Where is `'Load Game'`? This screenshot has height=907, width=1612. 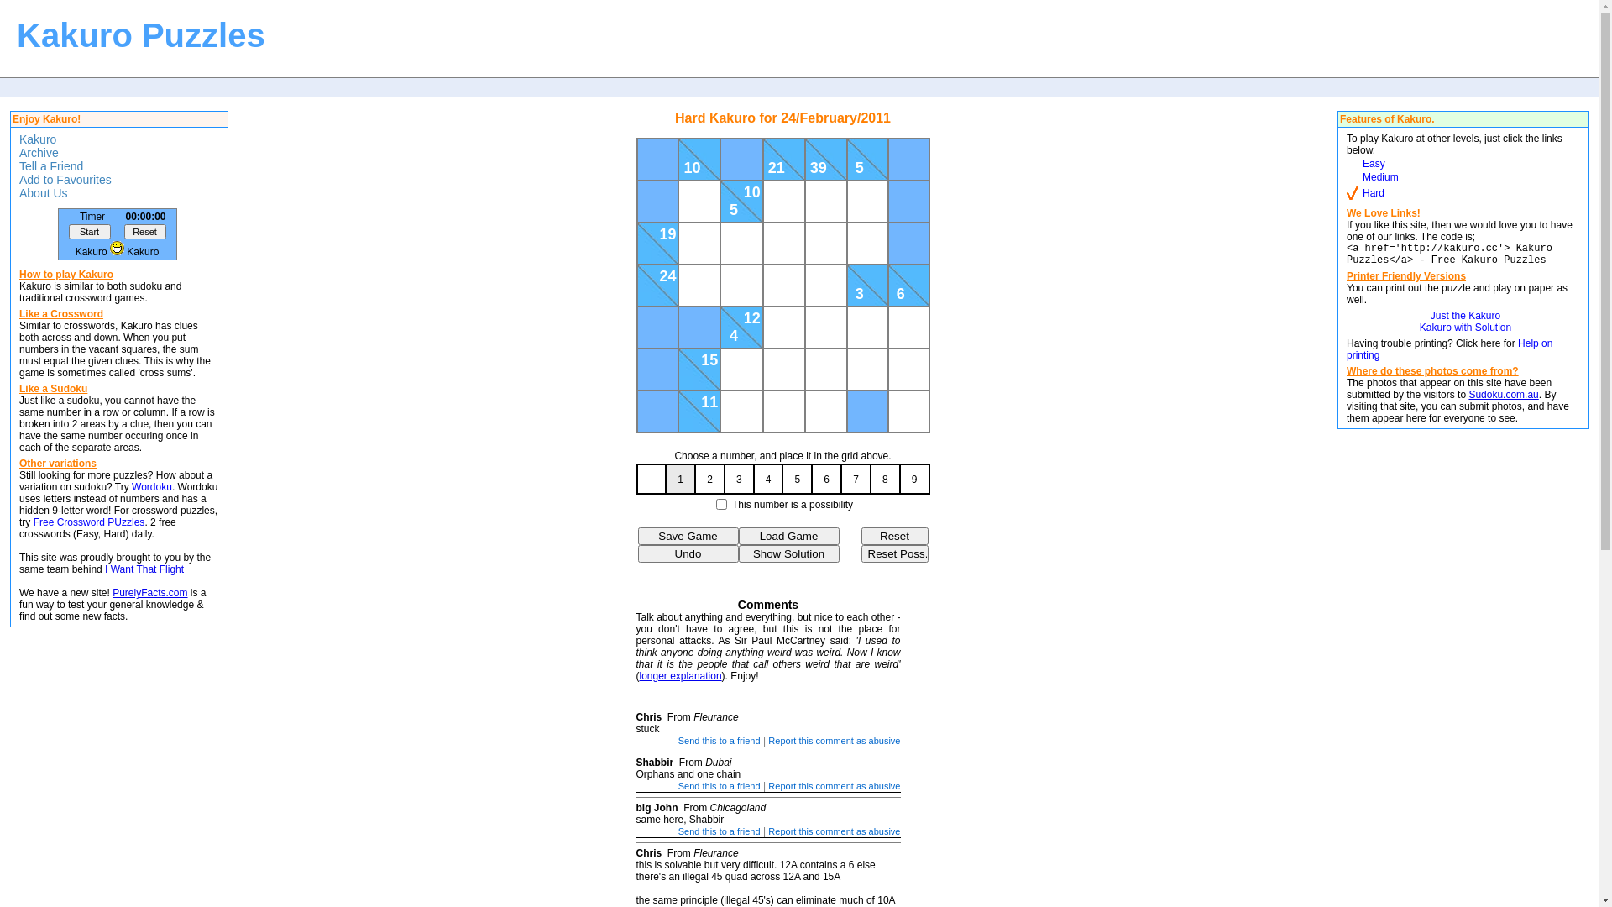
'Load Game' is located at coordinates (788, 536).